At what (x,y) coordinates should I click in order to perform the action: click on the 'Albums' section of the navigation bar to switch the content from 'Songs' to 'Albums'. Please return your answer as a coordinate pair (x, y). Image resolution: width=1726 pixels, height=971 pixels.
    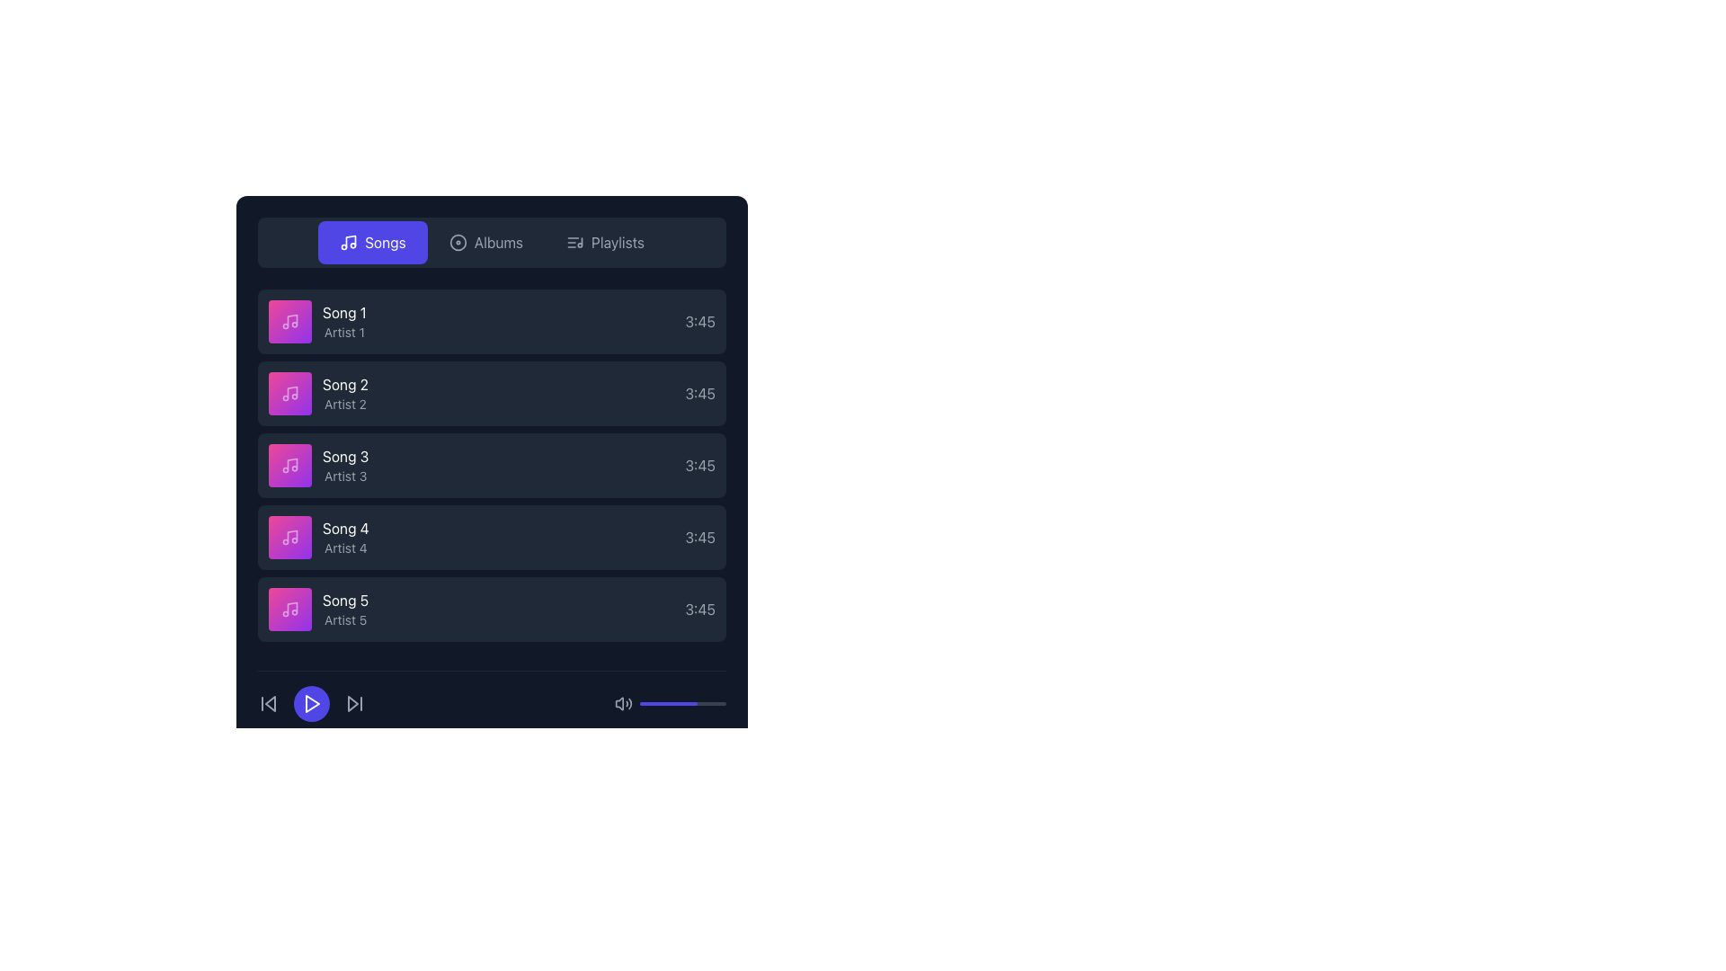
    Looking at the image, I should click on (492, 243).